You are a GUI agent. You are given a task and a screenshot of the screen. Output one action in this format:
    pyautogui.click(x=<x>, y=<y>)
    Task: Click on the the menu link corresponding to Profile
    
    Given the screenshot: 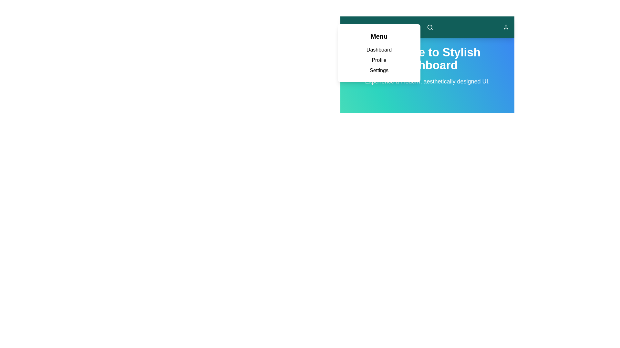 What is the action you would take?
    pyautogui.click(x=379, y=60)
    